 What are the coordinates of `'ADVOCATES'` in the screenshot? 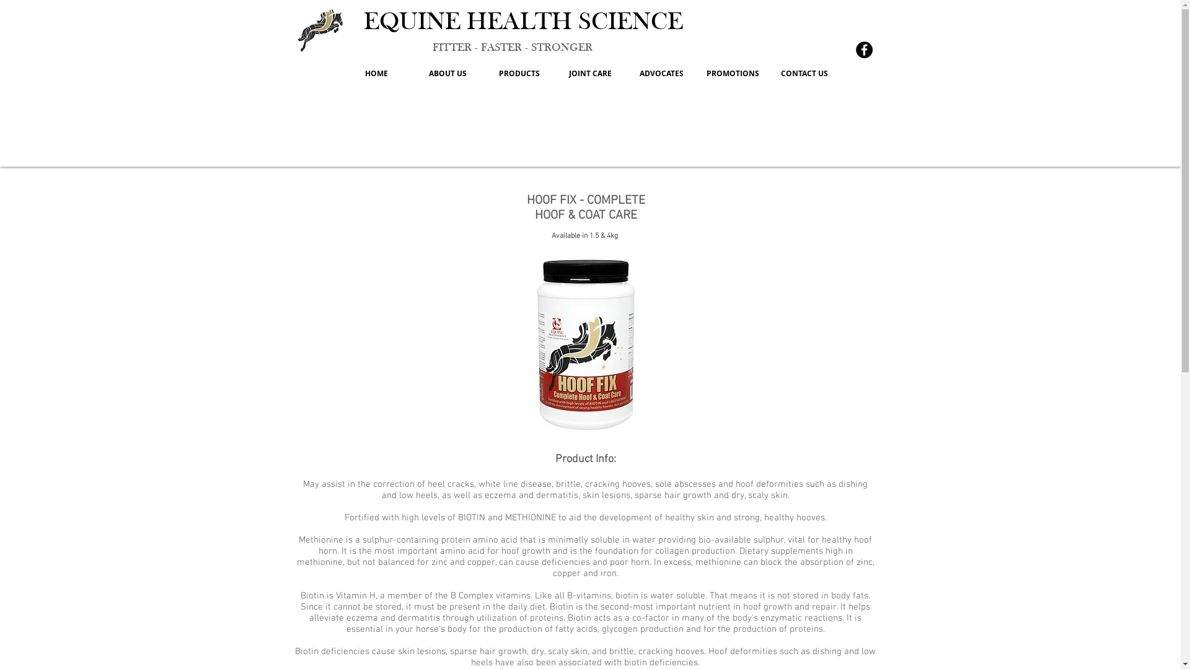 It's located at (661, 74).